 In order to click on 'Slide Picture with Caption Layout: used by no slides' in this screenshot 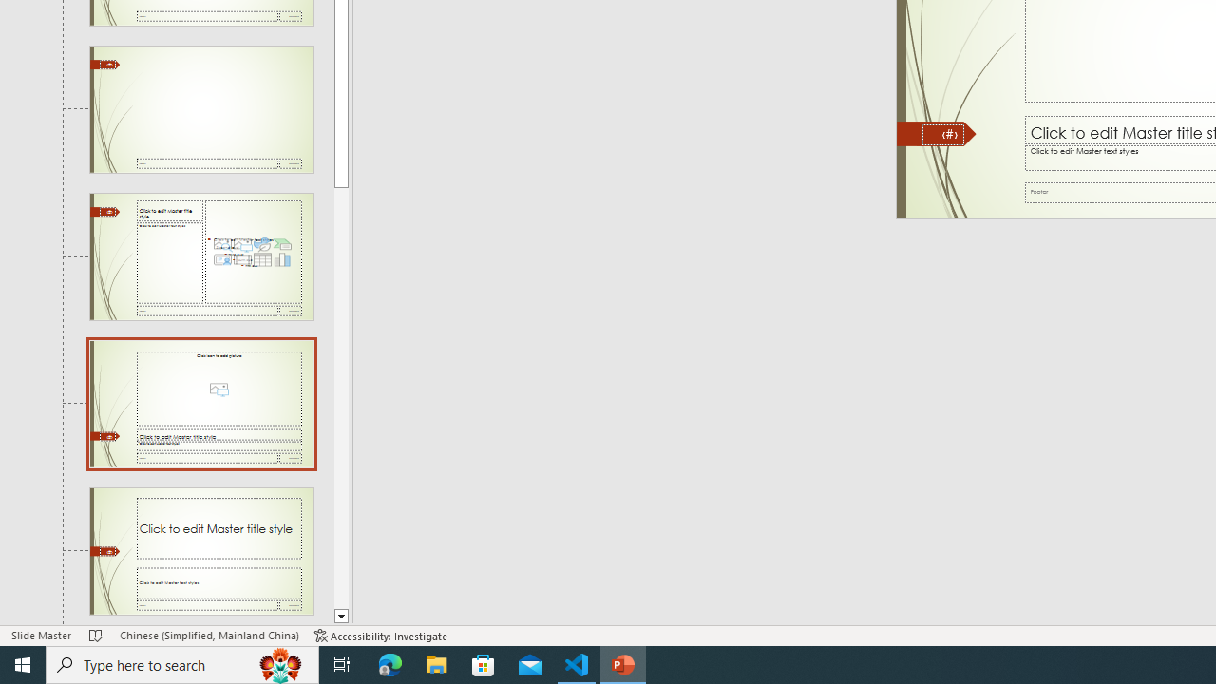, I will do `click(201, 403)`.